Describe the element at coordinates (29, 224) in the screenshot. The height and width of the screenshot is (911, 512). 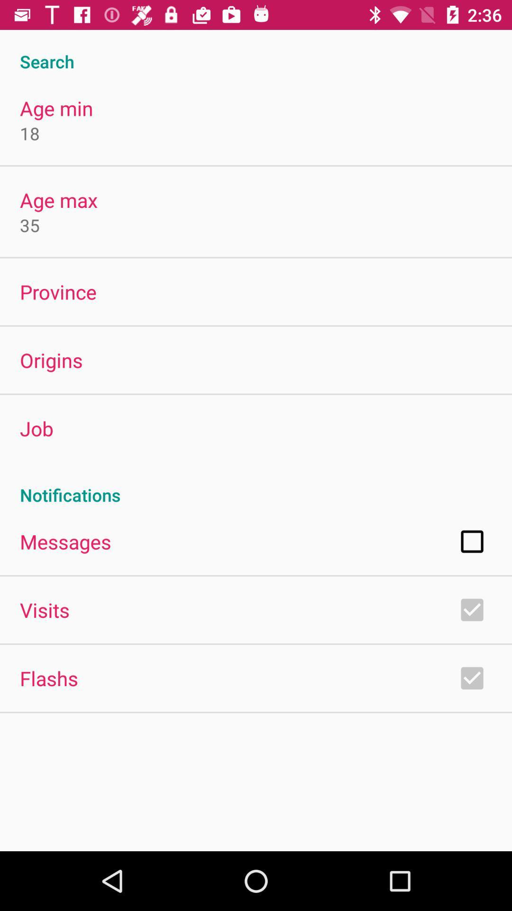
I see `app above the province item` at that location.